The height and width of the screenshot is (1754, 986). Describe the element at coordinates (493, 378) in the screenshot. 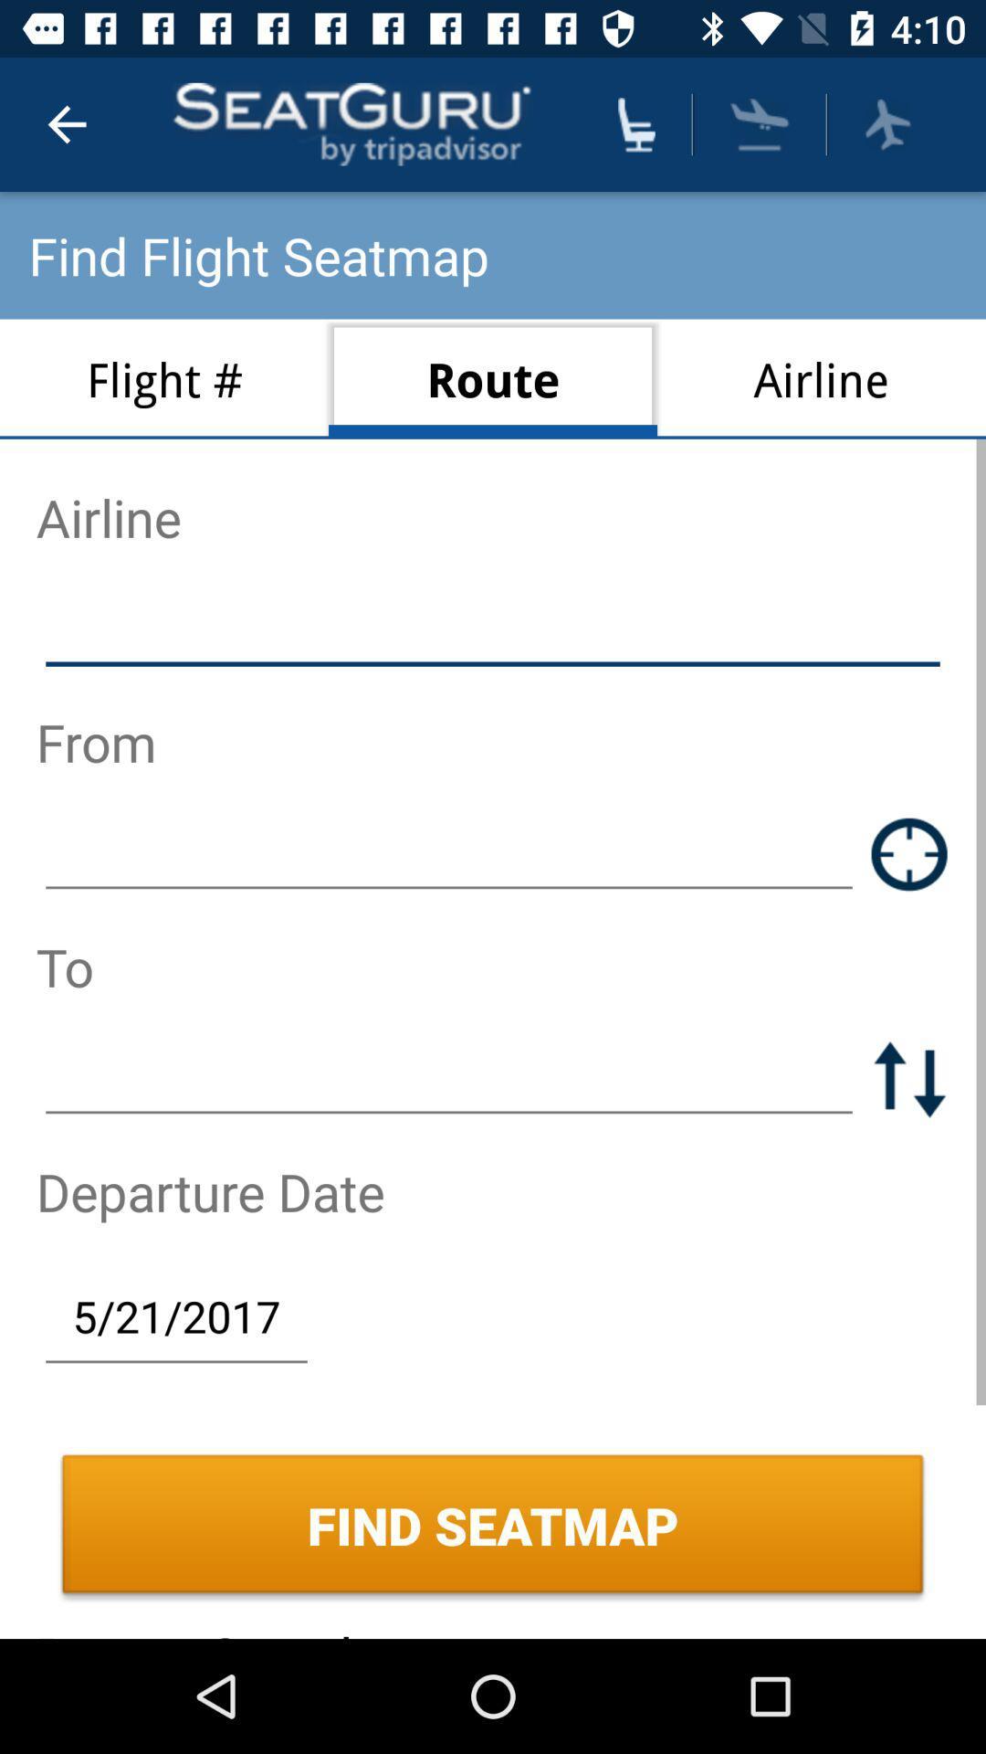

I see `item next to the airline` at that location.